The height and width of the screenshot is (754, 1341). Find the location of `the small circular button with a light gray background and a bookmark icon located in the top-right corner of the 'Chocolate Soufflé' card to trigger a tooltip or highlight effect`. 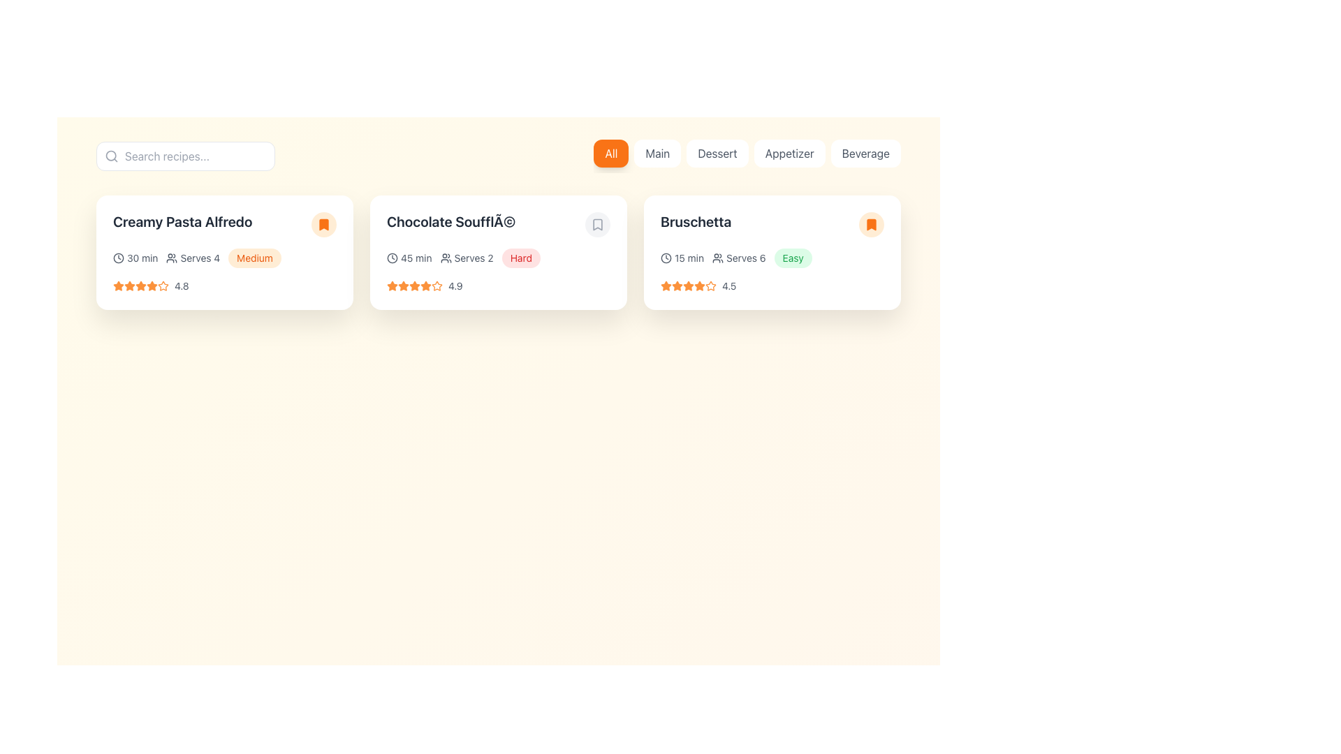

the small circular button with a light gray background and a bookmark icon located in the top-right corner of the 'Chocolate Soufflé' card to trigger a tooltip or highlight effect is located at coordinates (597, 223).